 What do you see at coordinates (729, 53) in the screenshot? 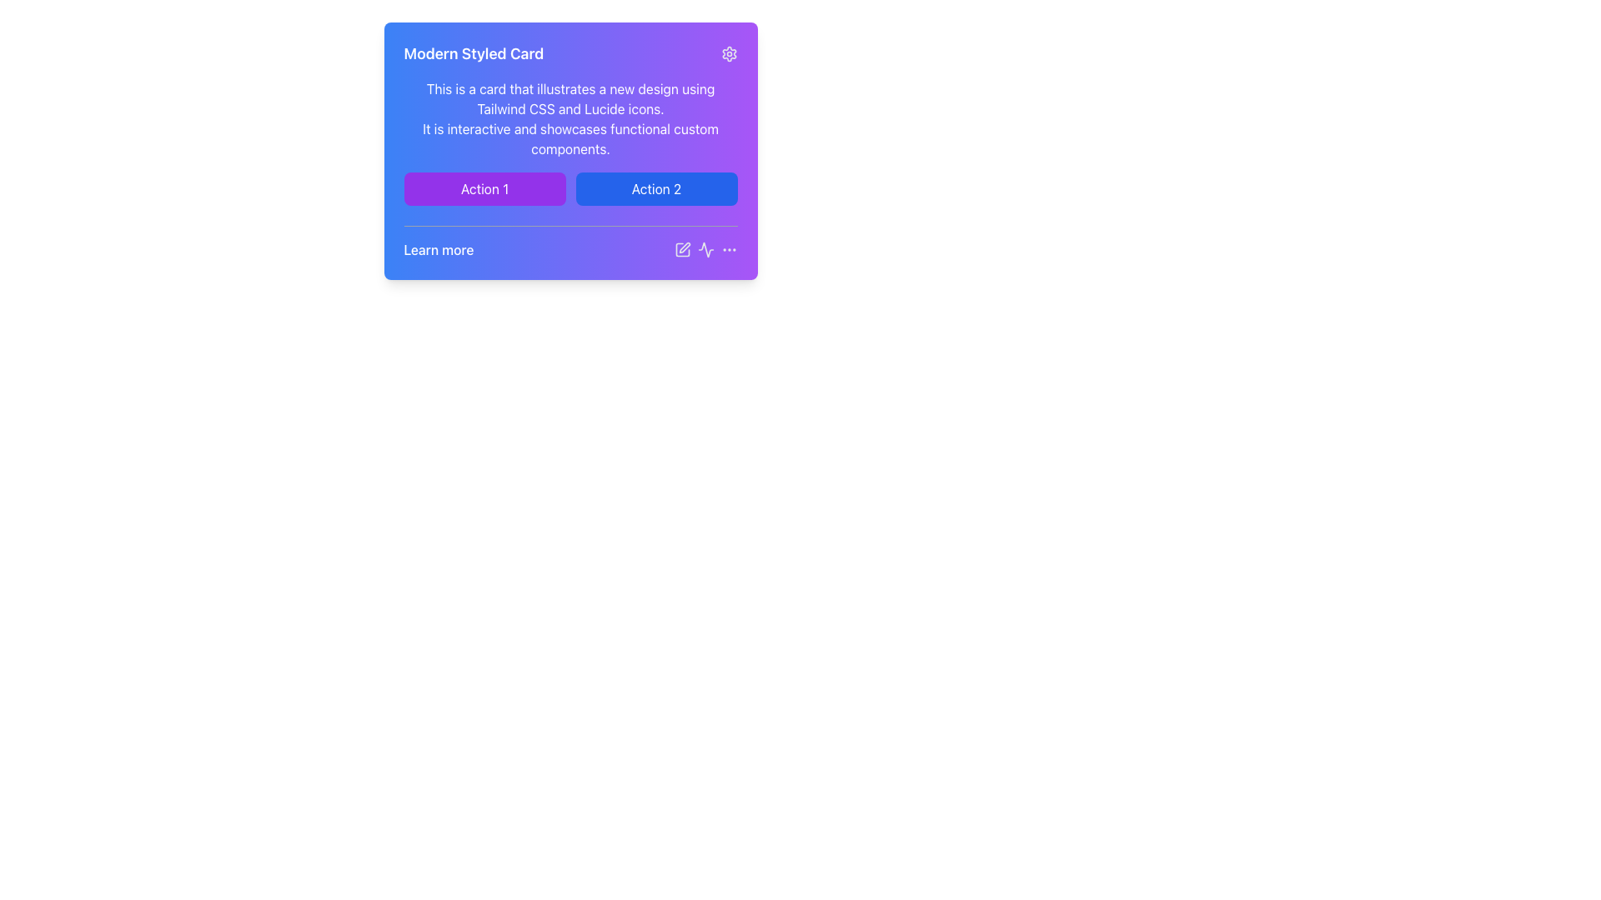
I see `the Icon button located at the top-right corner of the 'Modern Styled Card' for accessibility purposes` at bounding box center [729, 53].